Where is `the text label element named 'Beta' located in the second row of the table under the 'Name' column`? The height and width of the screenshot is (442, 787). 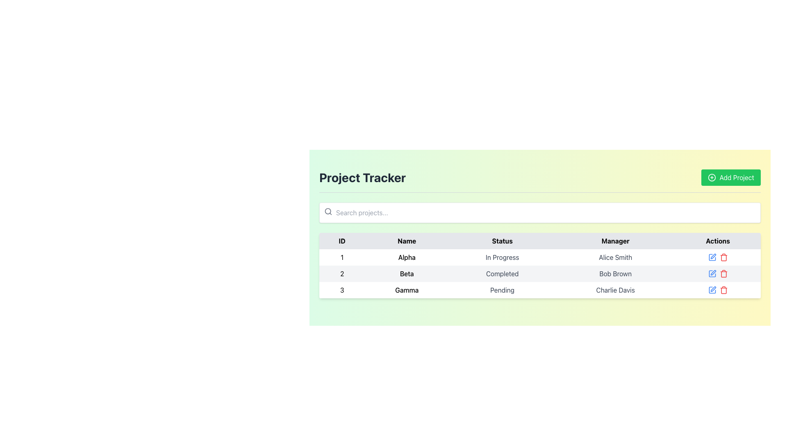 the text label element named 'Beta' located in the second row of the table under the 'Name' column is located at coordinates (407, 273).